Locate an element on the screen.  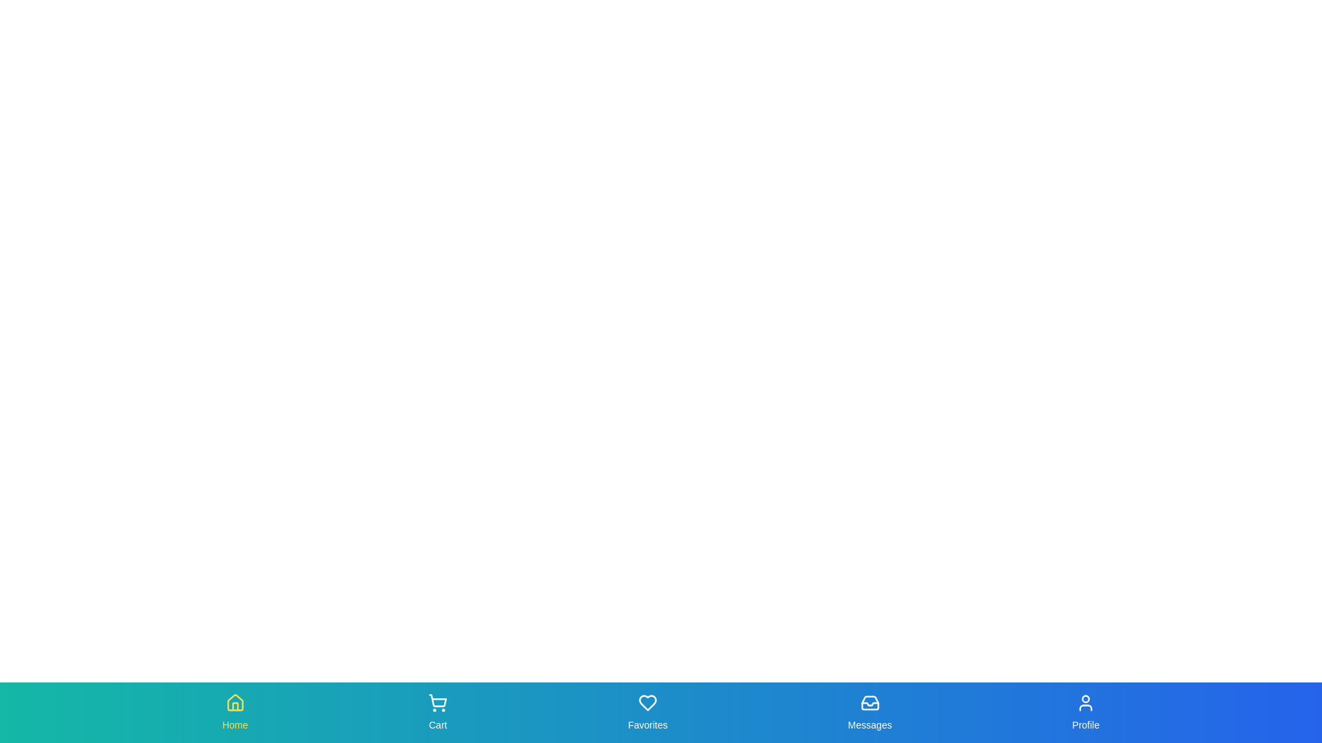
the Cart tab in the bottom navigation bar is located at coordinates (437, 712).